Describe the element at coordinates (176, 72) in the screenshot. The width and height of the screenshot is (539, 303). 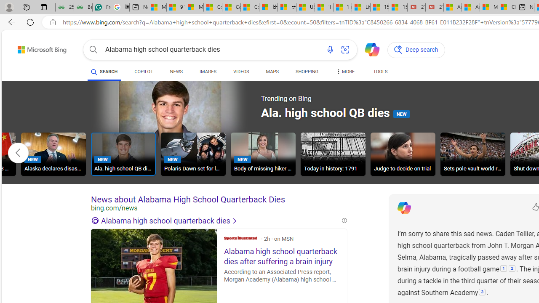
I see `'NEWS'` at that location.